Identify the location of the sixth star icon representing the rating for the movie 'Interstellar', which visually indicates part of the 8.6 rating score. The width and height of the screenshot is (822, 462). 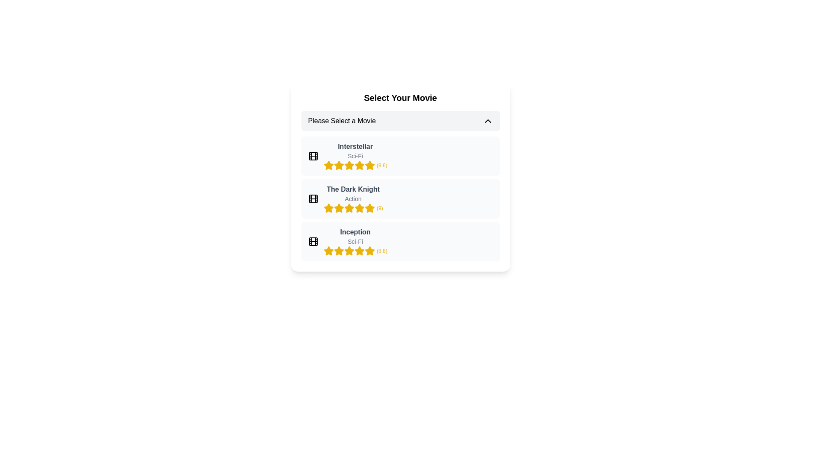
(359, 165).